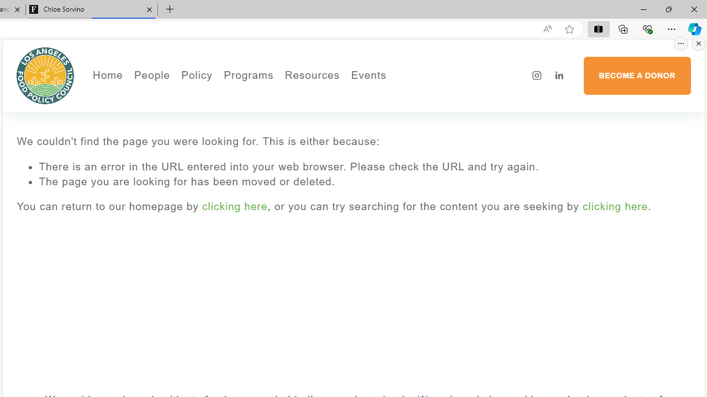 The height and width of the screenshot is (397, 707). I want to click on 'Policy', so click(197, 75).